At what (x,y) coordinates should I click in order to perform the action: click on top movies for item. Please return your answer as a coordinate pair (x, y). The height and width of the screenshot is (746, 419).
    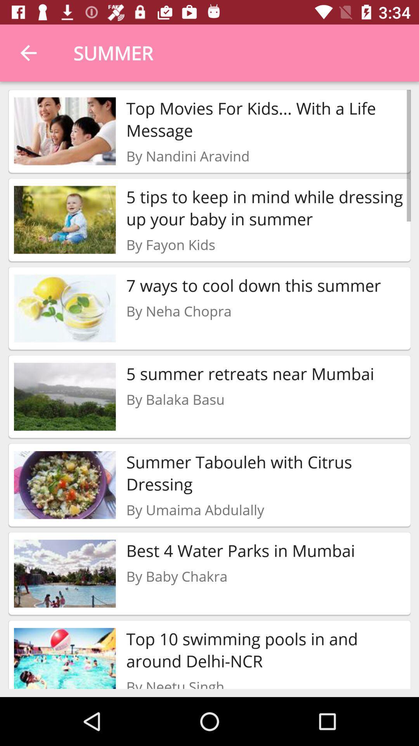
    Looking at the image, I should click on (265, 119).